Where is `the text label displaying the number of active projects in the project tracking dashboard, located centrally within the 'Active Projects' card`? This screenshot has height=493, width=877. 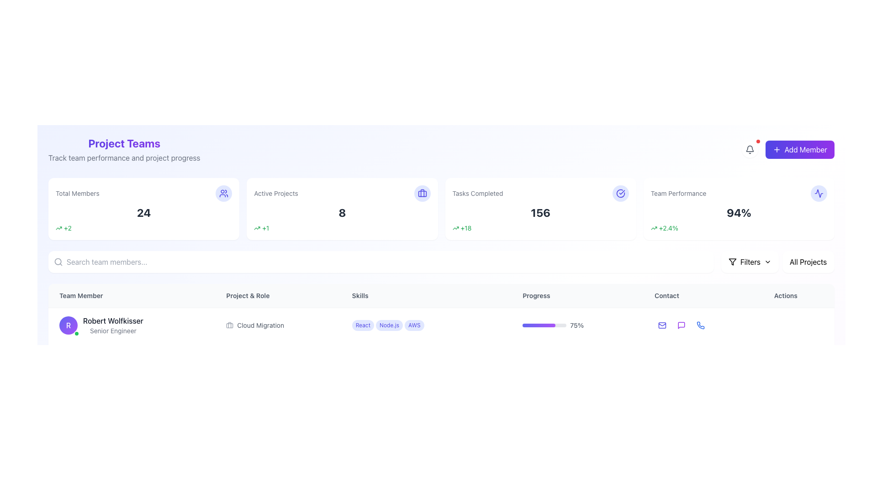
the text label displaying the number of active projects in the project tracking dashboard, located centrally within the 'Active Projects' card is located at coordinates (342, 213).